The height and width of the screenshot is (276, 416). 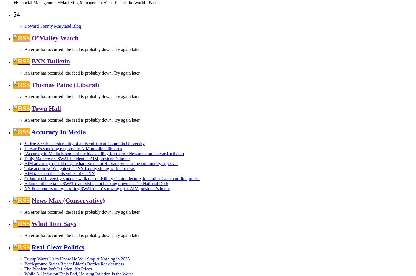 I want to click on 'Thomas Paine (Liberal)', so click(x=65, y=84).